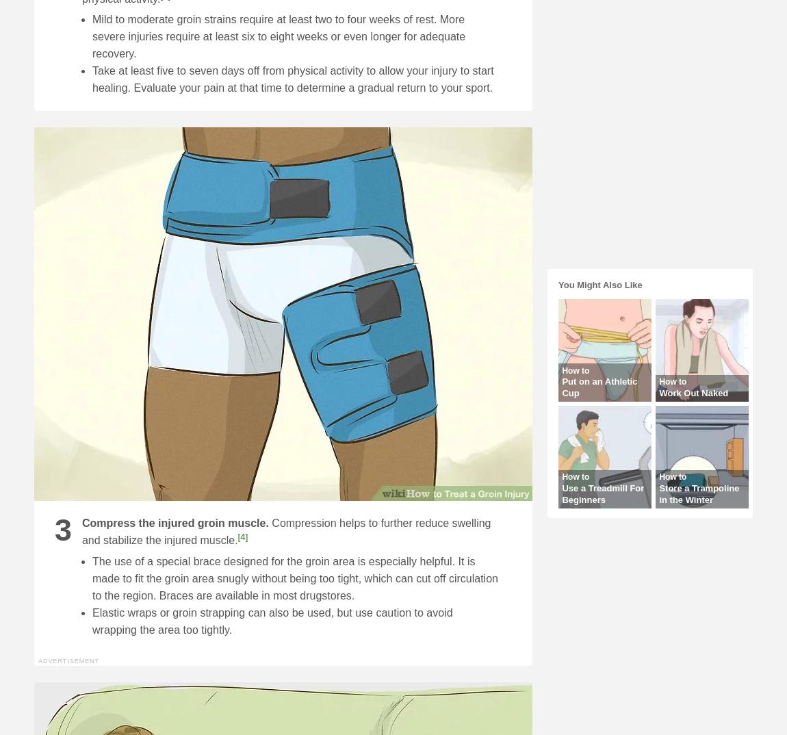 This screenshot has width=787, height=735. Describe the element at coordinates (279, 36) in the screenshot. I see `'Mild to moderate groin strains require at least two to four weeks of rest. More severe injuries require at least six to eight weeks or even longer for adequate recovery.'` at that location.